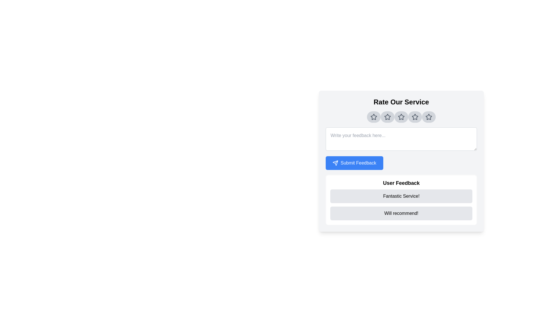  What do you see at coordinates (429, 116) in the screenshot?
I see `the rightmost button in the 'Rate Our Service' section` at bounding box center [429, 116].